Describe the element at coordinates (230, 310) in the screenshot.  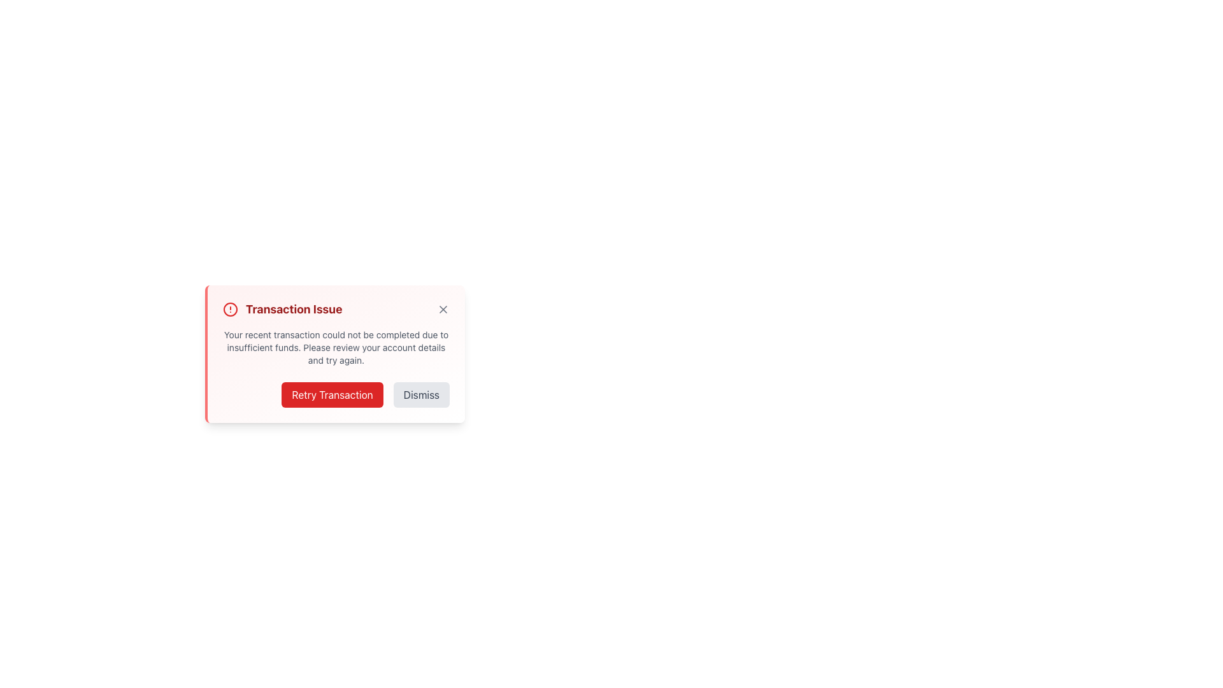
I see `the circular SVG shape with a red stroke, which serves as a warning icon located to the left of the 'Transaction Issue' heading in the modal dialog box` at that location.